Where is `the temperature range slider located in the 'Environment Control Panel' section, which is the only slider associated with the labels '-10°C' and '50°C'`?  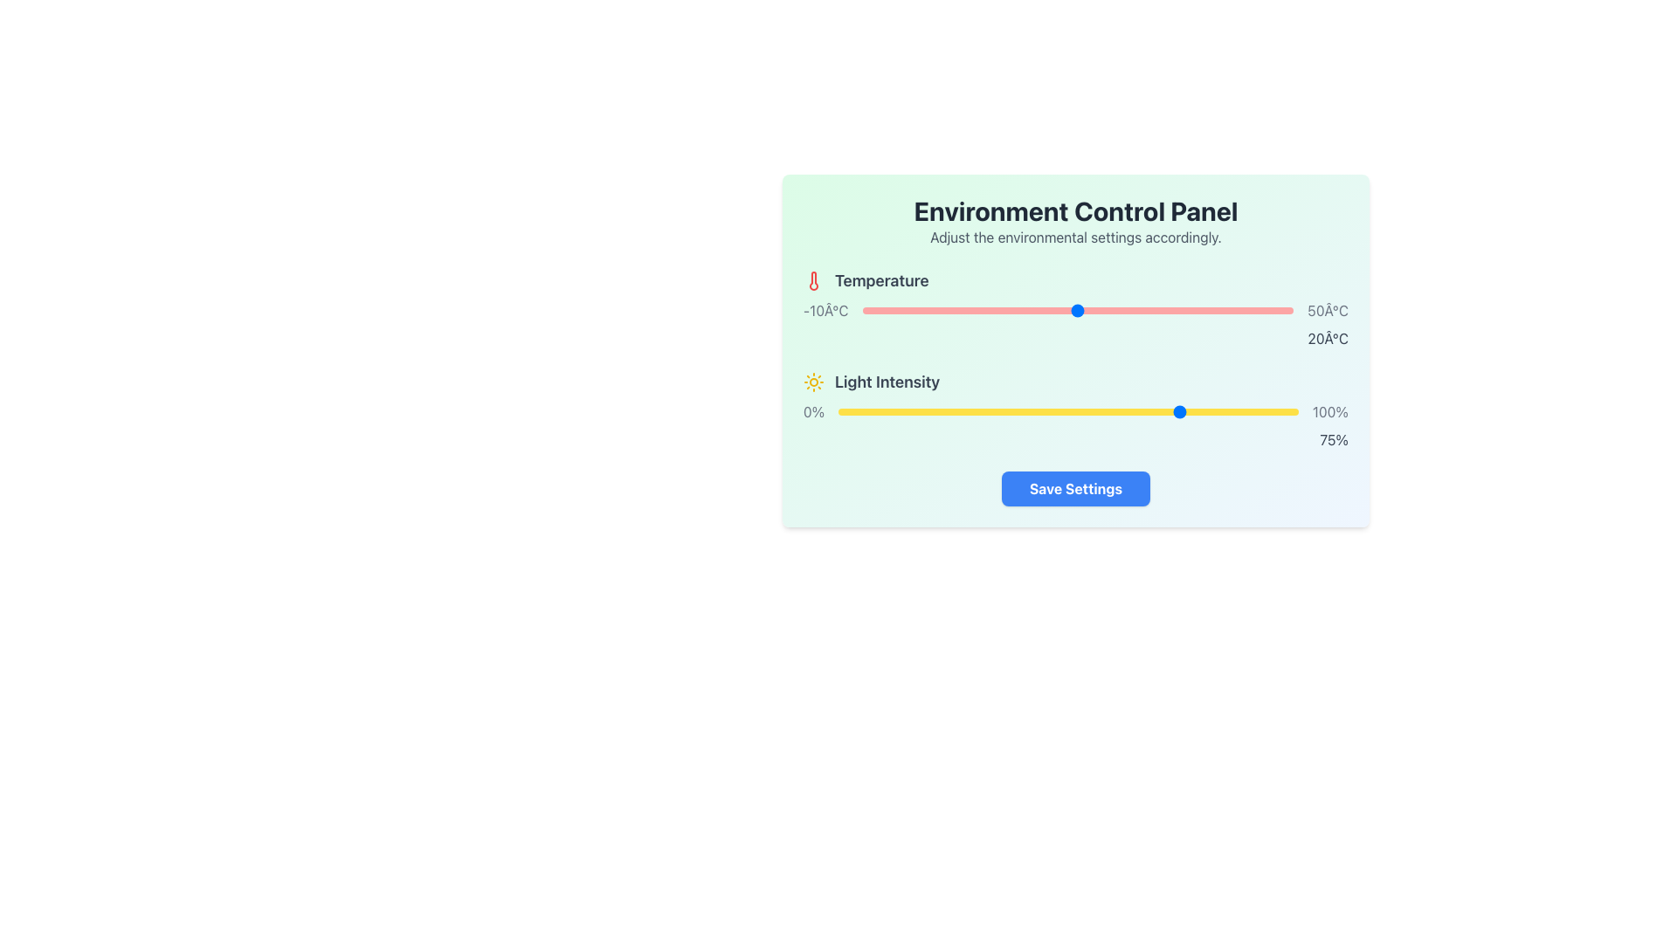 the temperature range slider located in the 'Environment Control Panel' section, which is the only slider associated with the labels '-10°C' and '50°C' is located at coordinates (1077, 309).